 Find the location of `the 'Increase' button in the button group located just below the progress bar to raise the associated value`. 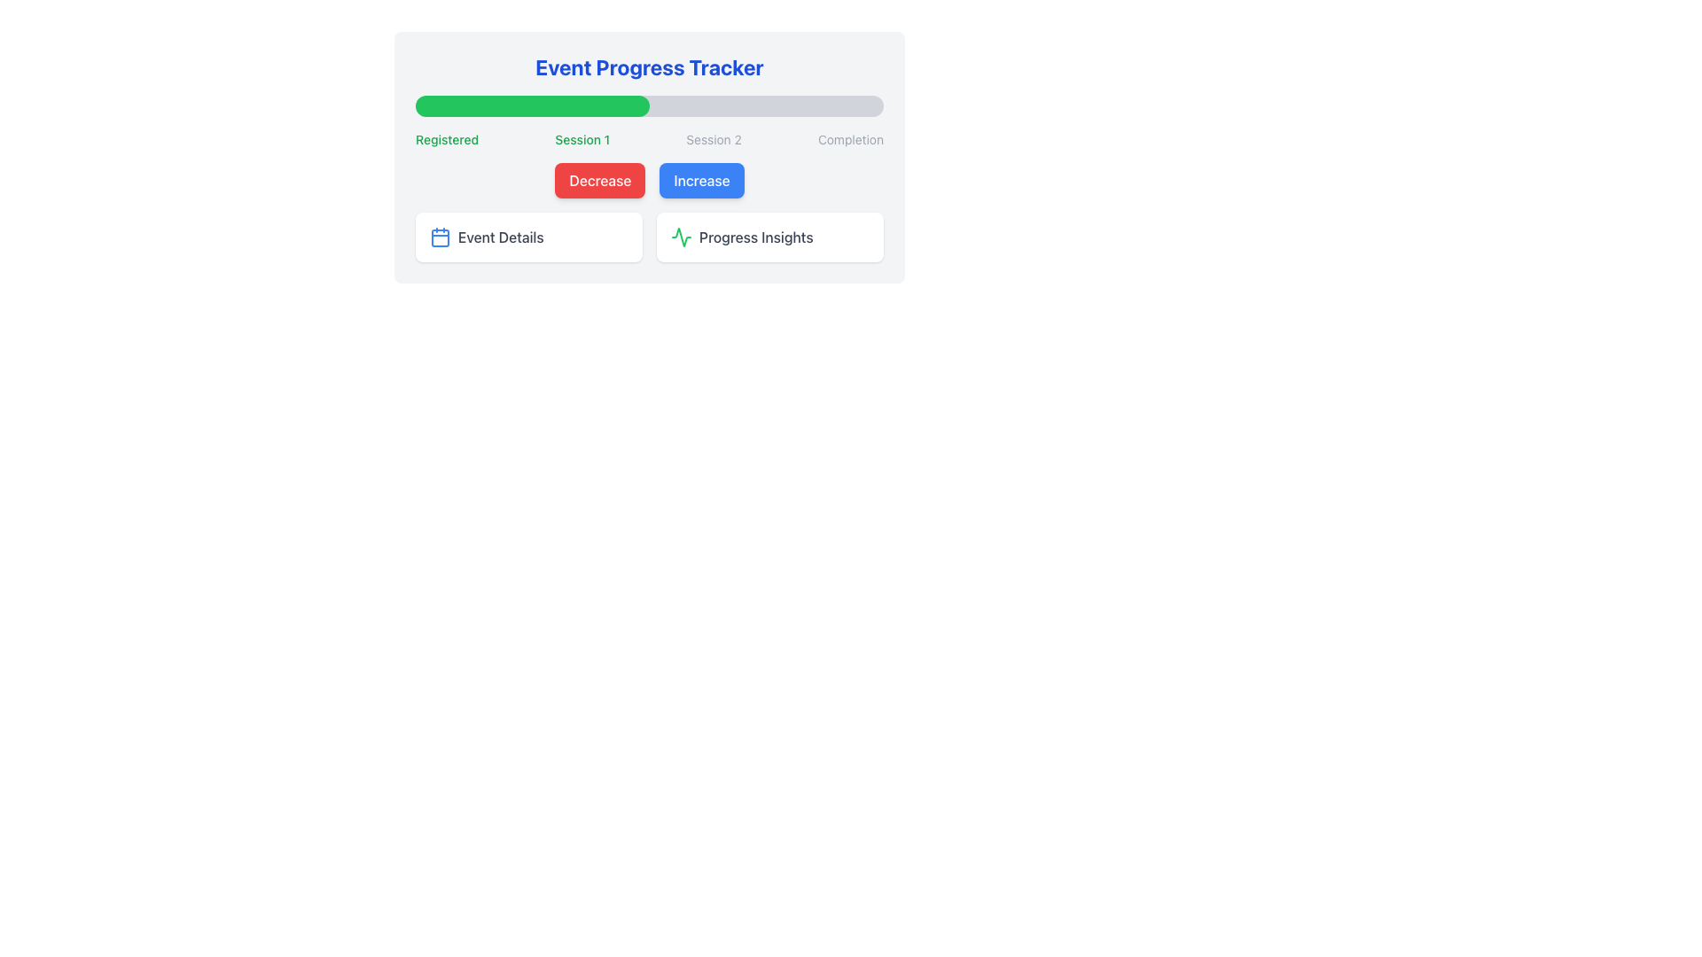

the 'Increase' button in the button group located just below the progress bar to raise the associated value is located at coordinates (649, 181).